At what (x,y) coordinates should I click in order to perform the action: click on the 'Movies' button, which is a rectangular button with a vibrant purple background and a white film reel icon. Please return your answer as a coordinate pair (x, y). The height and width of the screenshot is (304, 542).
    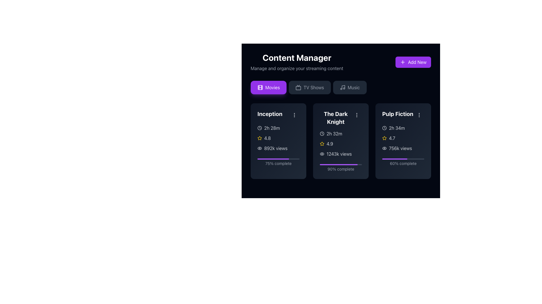
    Looking at the image, I should click on (268, 88).